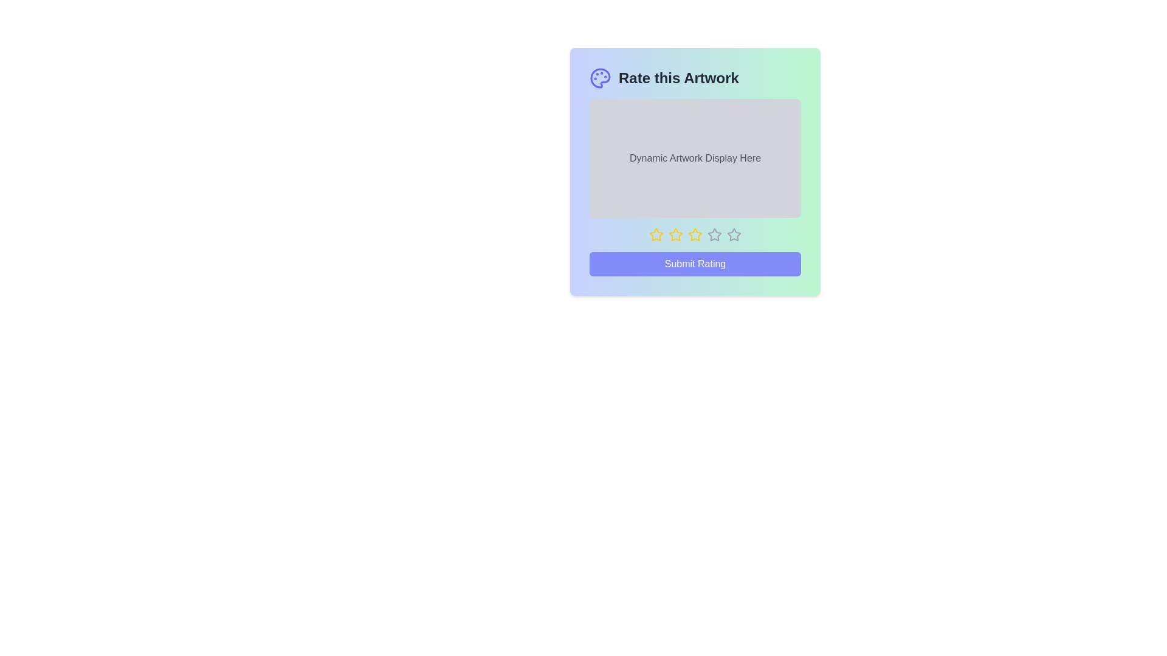  I want to click on the star corresponding to the desired rating 4, so click(715, 234).